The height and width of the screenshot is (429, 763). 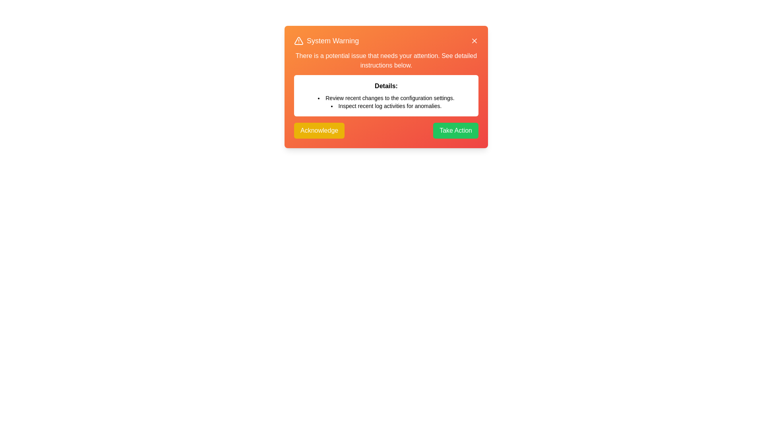 I want to click on the close button represented by the vector graphic component in the upper-right corner of the warning dialog, so click(x=474, y=41).